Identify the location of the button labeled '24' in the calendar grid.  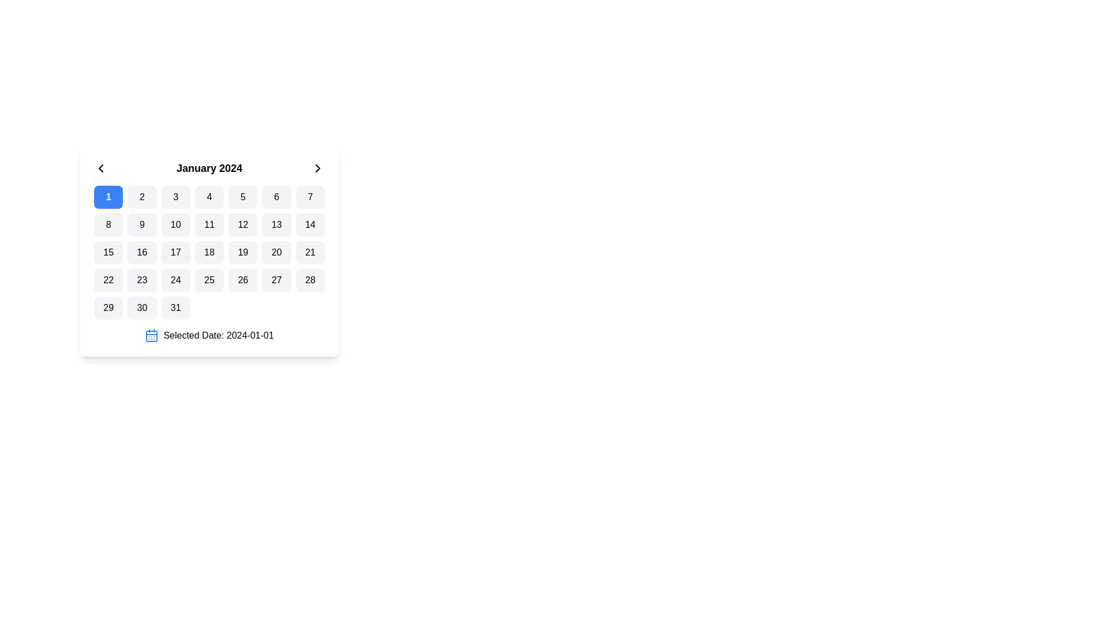
(175, 280).